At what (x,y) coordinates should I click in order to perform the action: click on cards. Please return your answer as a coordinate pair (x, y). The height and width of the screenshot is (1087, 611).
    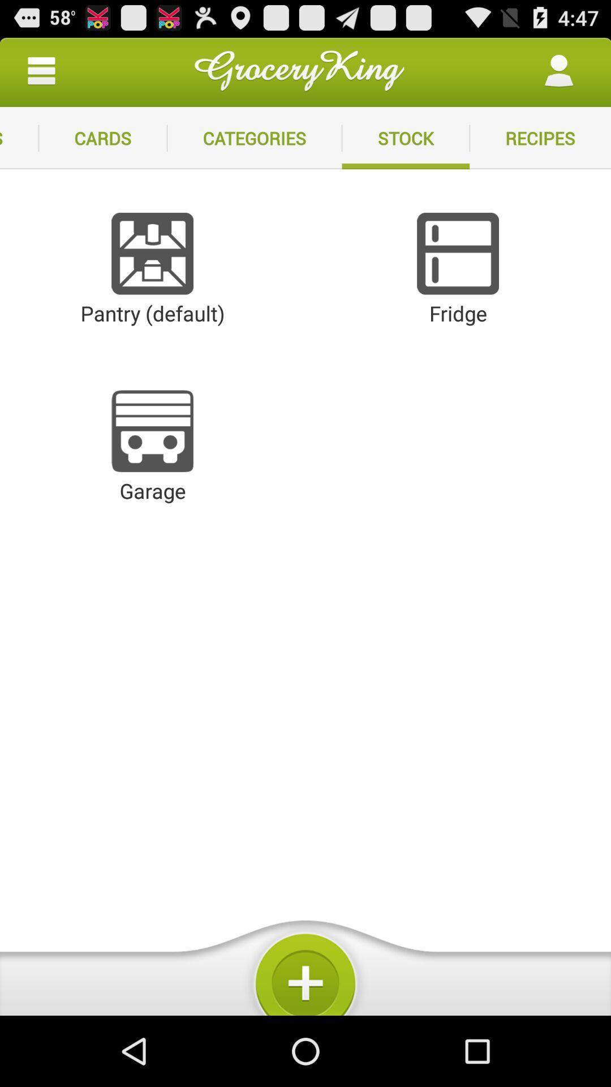
    Looking at the image, I should click on (102, 138).